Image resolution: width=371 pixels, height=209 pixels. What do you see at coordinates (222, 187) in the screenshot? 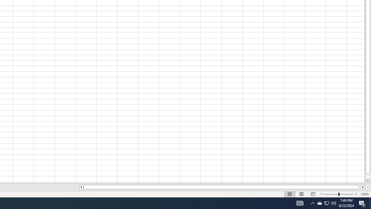
I see `'Class: NetUIScrollBar'` at bounding box center [222, 187].